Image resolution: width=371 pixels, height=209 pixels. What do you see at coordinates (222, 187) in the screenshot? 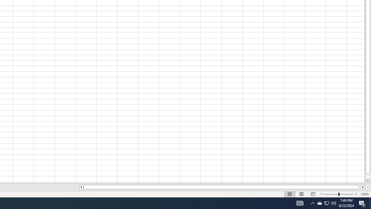
I see `'Class: NetUIScrollBar'` at bounding box center [222, 187].